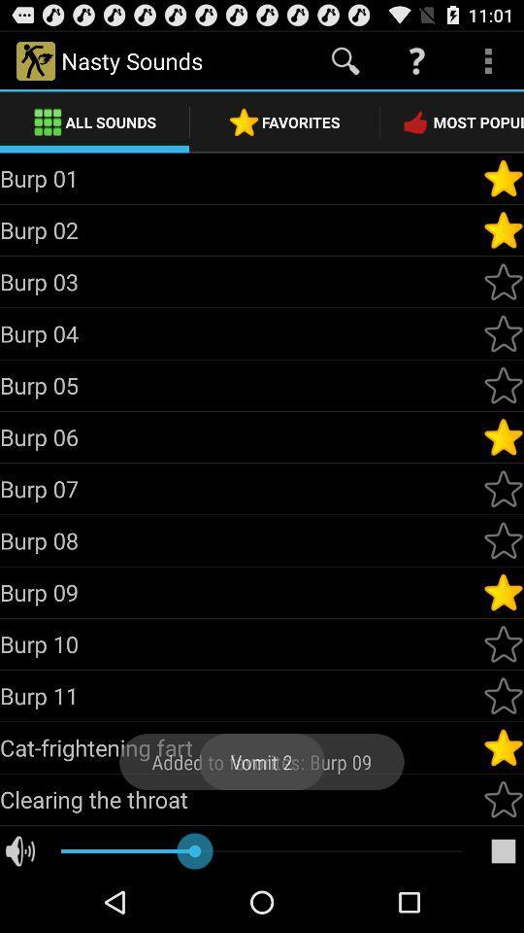 The width and height of the screenshot is (524, 933). What do you see at coordinates (503, 696) in the screenshot?
I see `favorite` at bounding box center [503, 696].